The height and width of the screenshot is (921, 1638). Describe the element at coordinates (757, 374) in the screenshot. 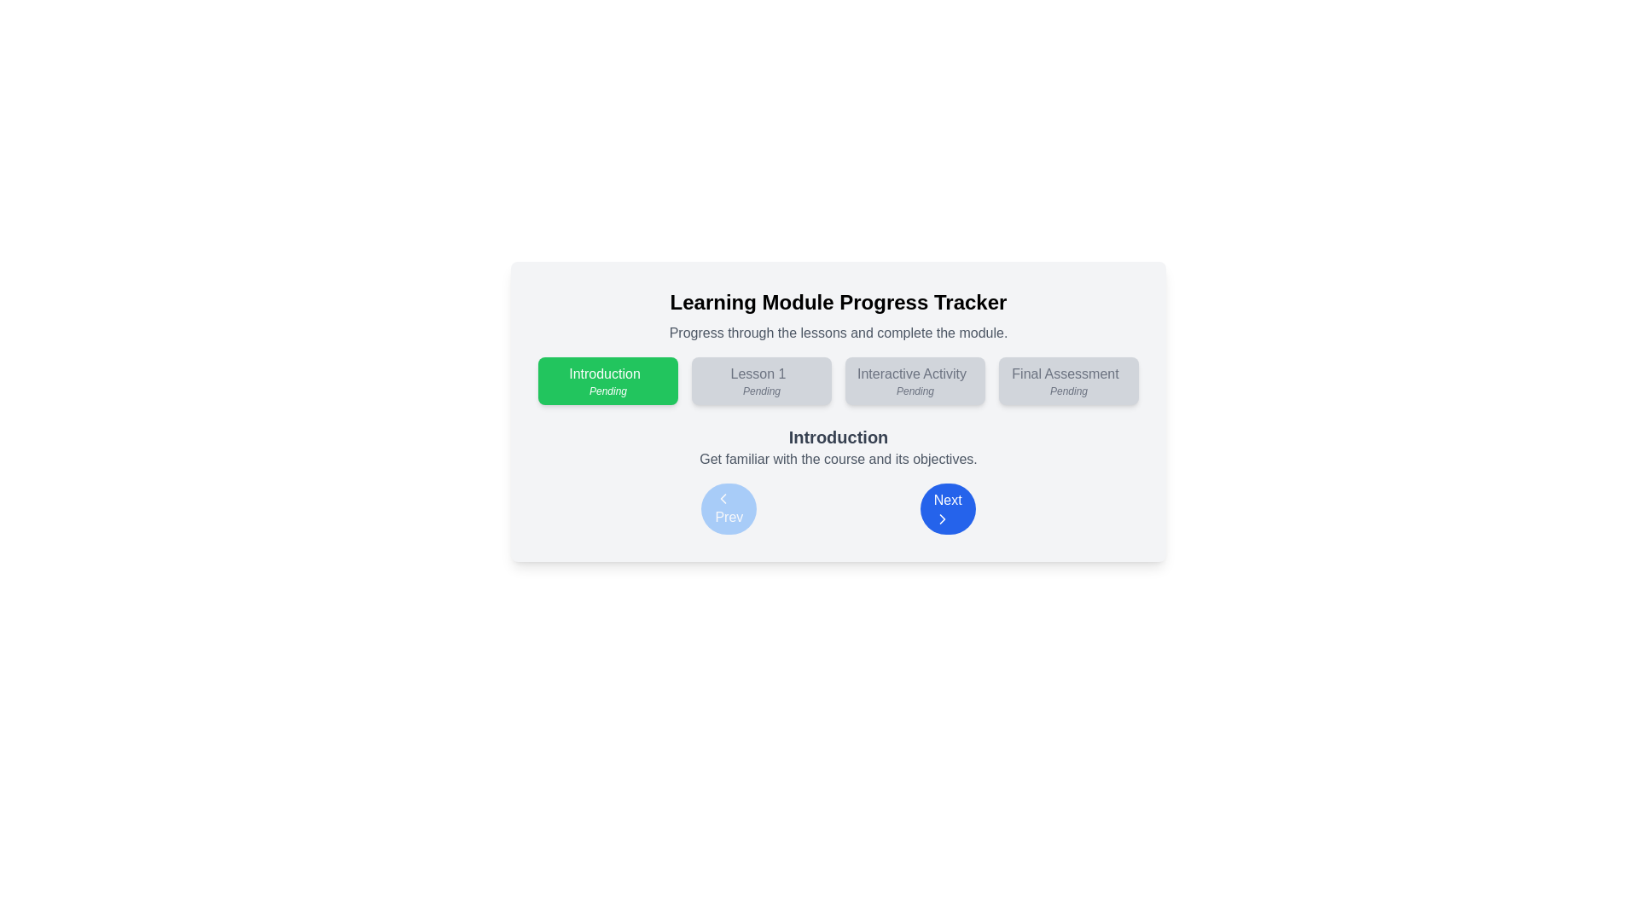

I see `the progress step labeled 'Lesson 1'` at that location.